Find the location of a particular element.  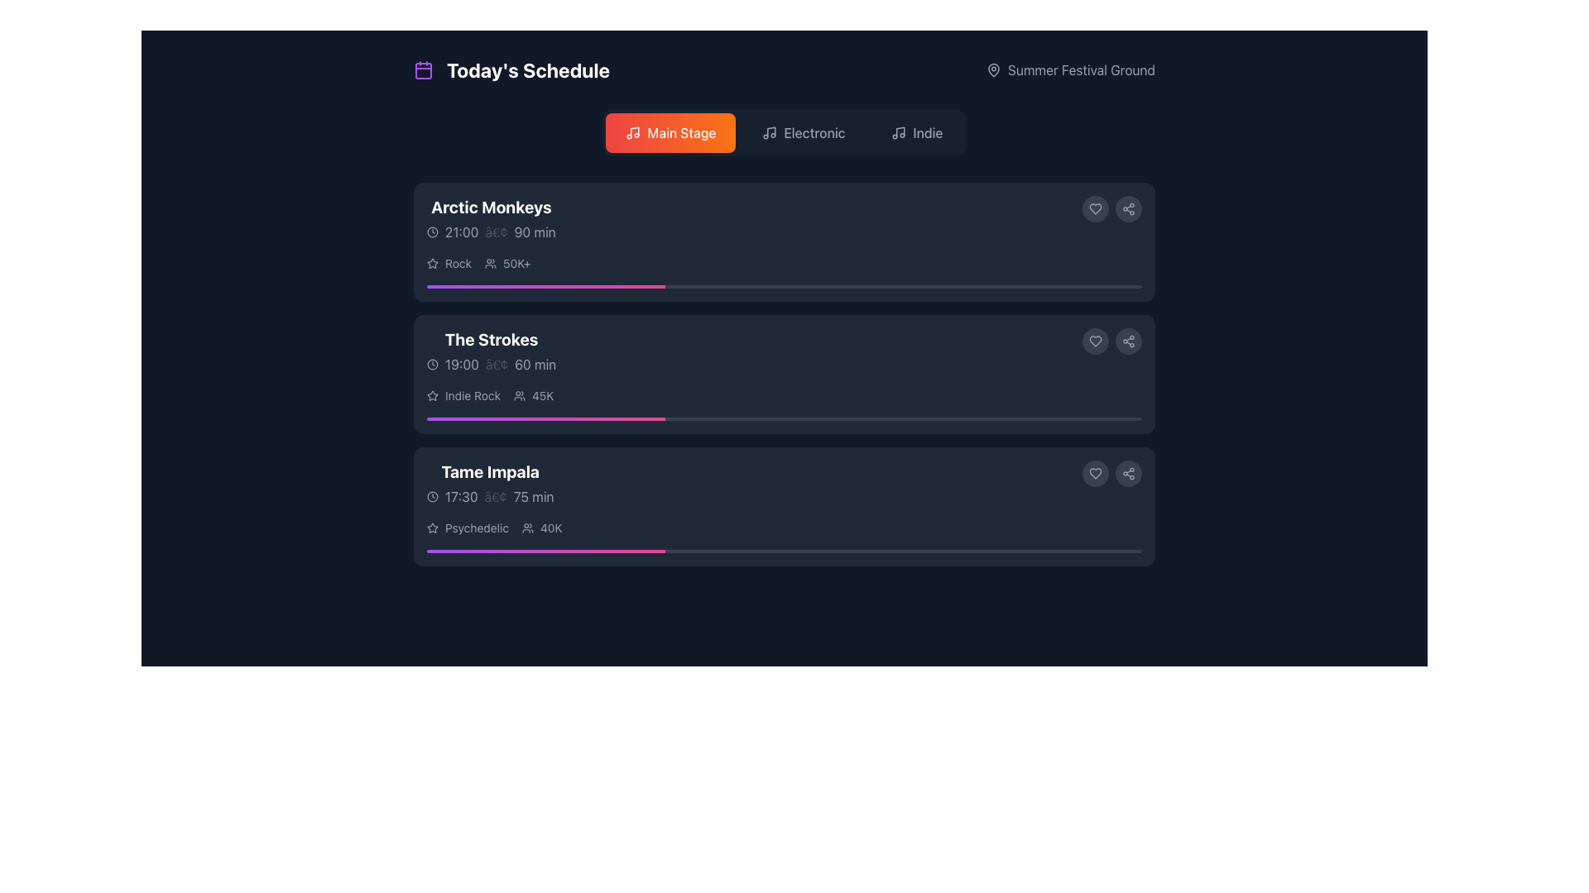

the small circular gray bullet point styled as an Icon/Visual Separator located between the text '19:00' and '60 min' is located at coordinates (496, 363).